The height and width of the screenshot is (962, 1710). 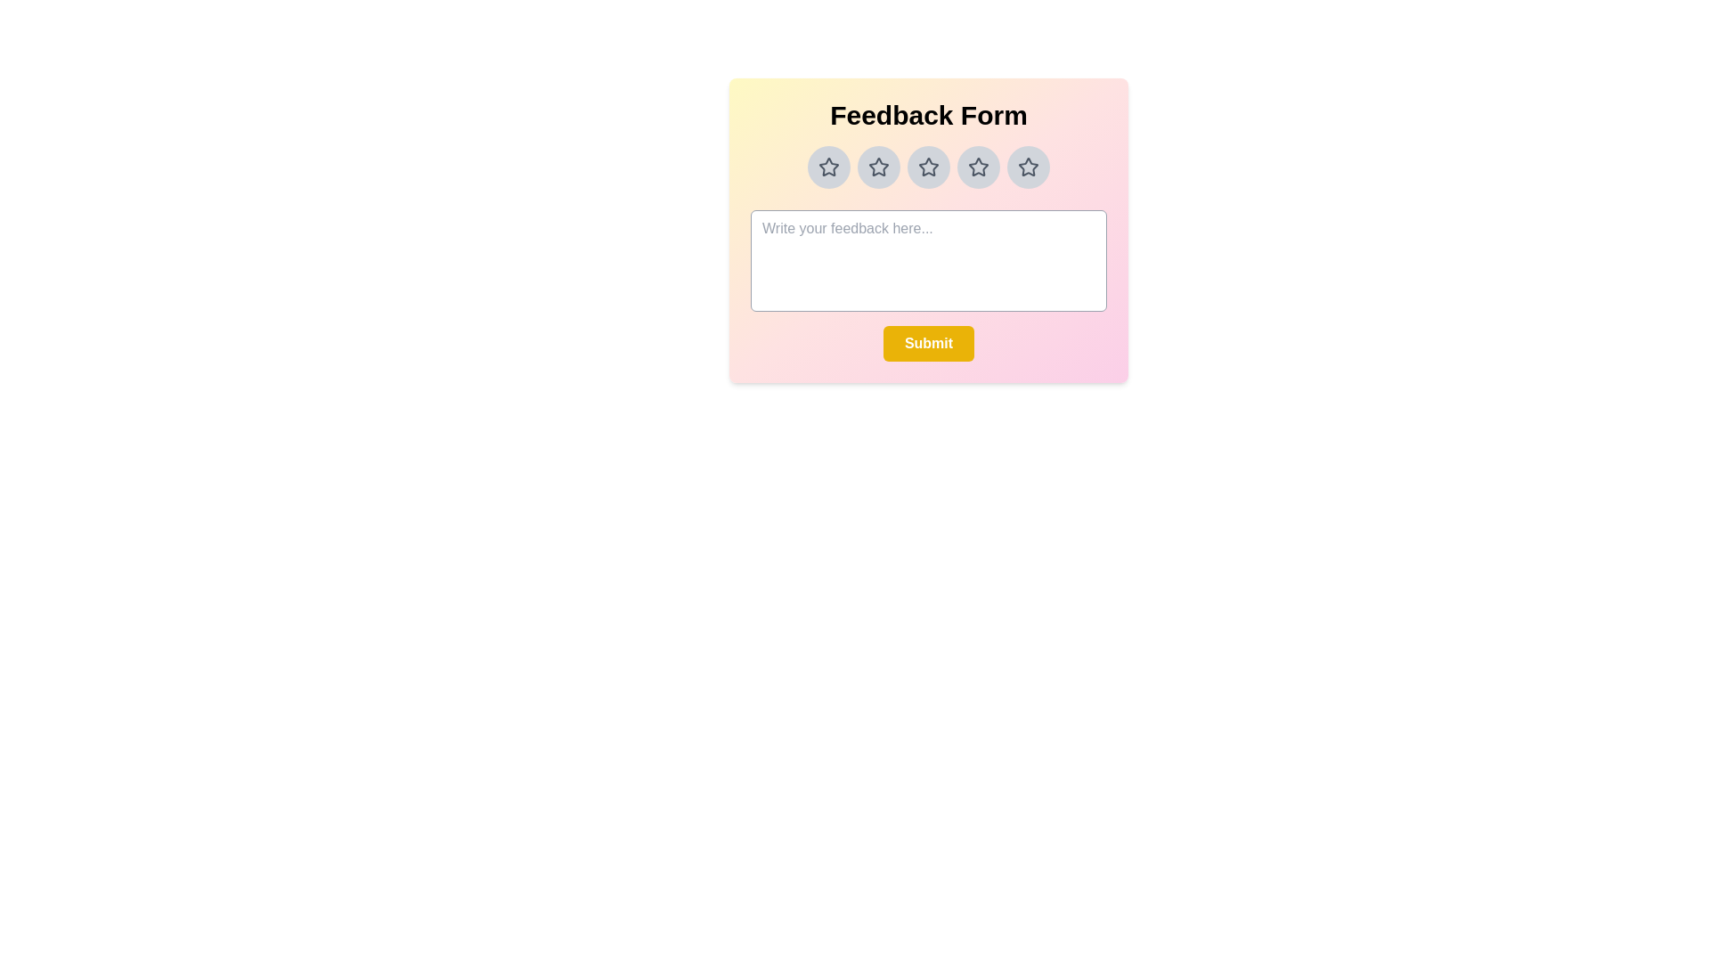 What do you see at coordinates (1029, 167) in the screenshot?
I see `the star rating to 5 by clicking on the corresponding star button` at bounding box center [1029, 167].